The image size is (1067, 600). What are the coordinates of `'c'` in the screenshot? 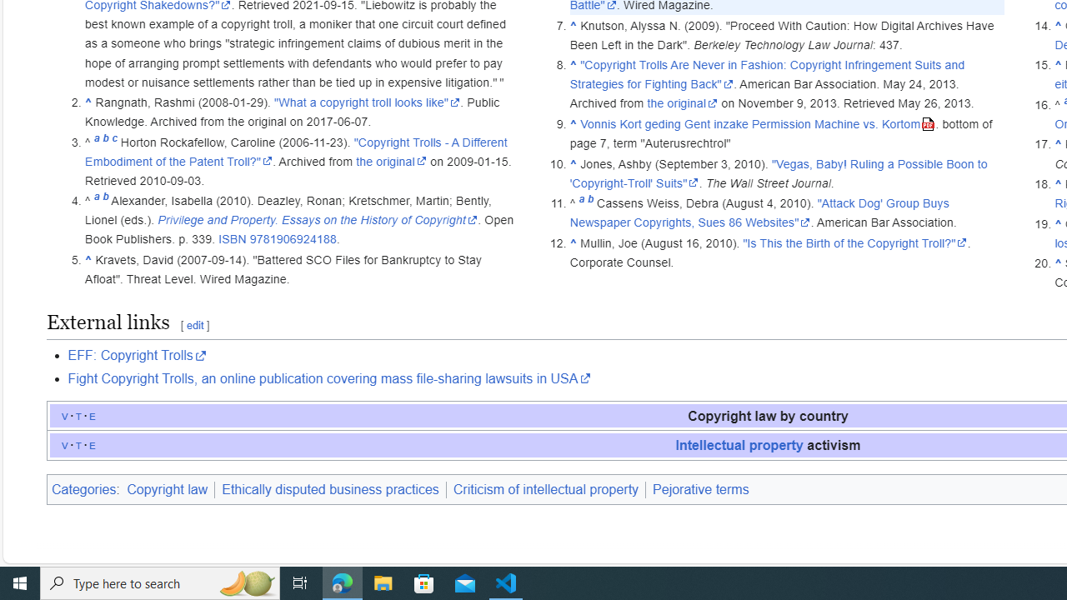 It's located at (113, 141).